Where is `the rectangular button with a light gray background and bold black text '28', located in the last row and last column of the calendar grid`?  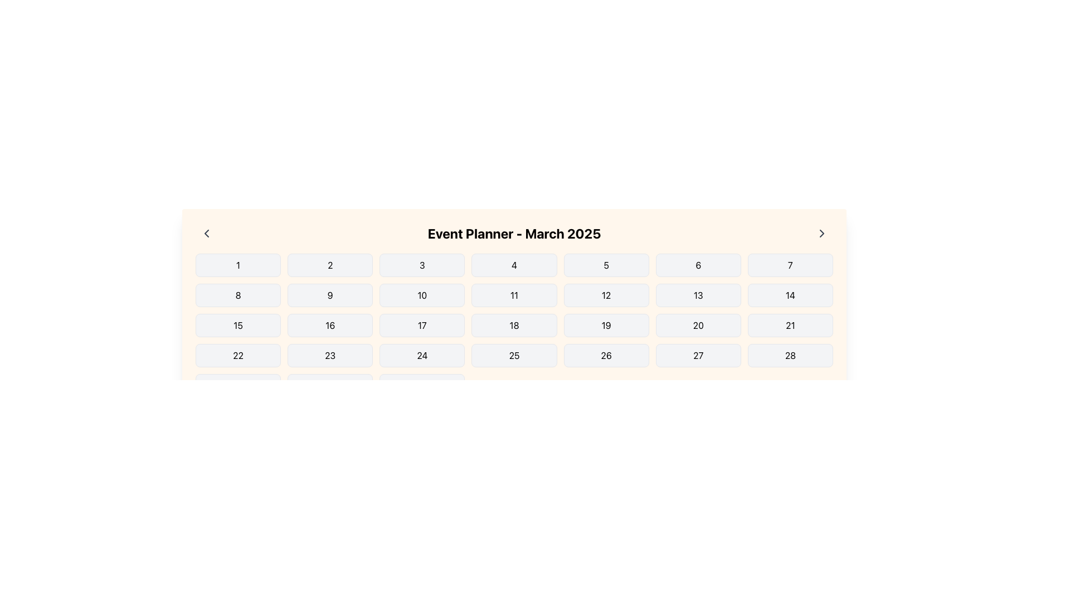
the rectangular button with a light gray background and bold black text '28', located in the last row and last column of the calendar grid is located at coordinates (789, 355).